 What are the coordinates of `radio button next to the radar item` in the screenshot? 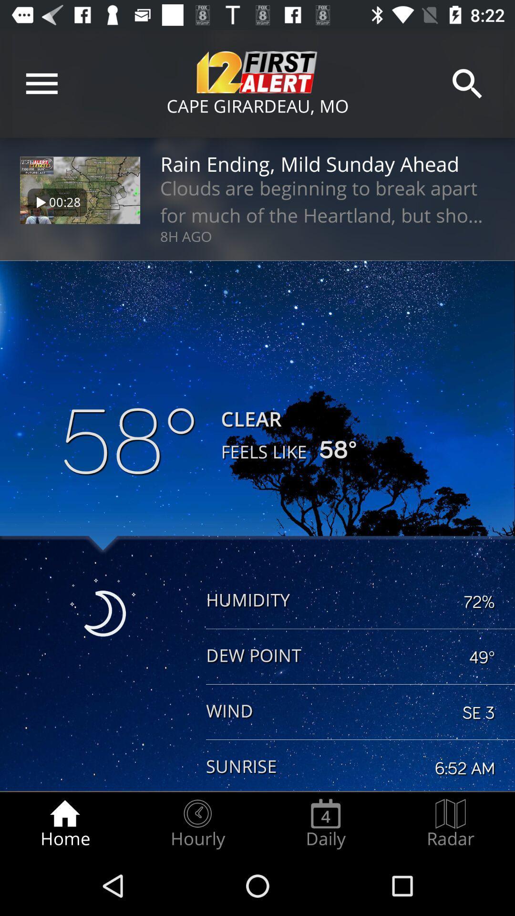 It's located at (325, 823).